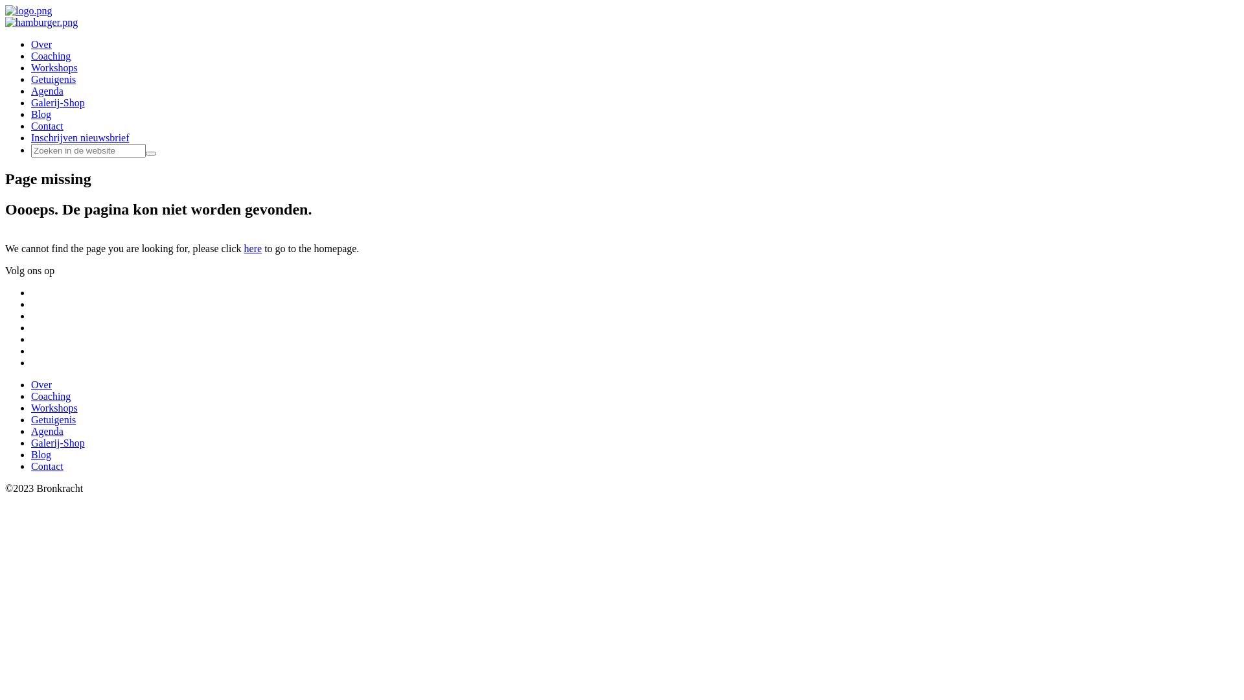 This screenshot has width=1244, height=700. Describe the element at coordinates (5, 10) in the screenshot. I see `'Bronkracht'` at that location.